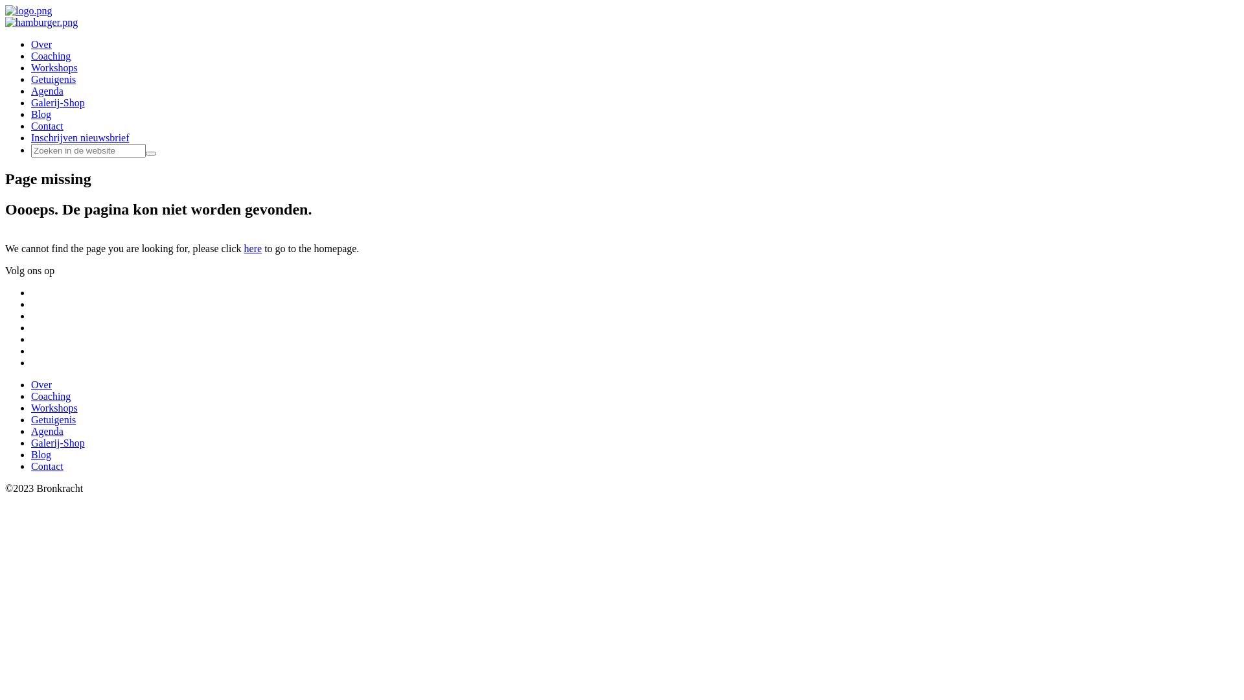 This screenshot has width=1244, height=700. Describe the element at coordinates (5, 10) in the screenshot. I see `'Bronkracht'` at that location.